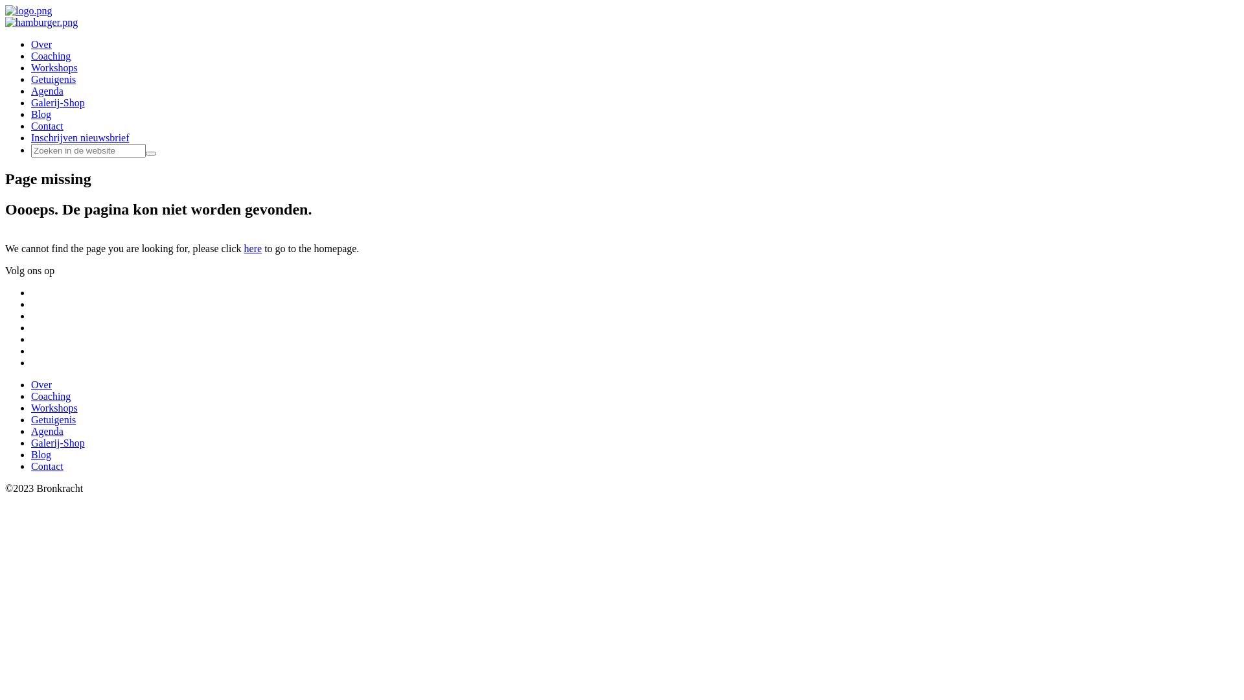 This screenshot has width=1244, height=700. Describe the element at coordinates (5, 10) in the screenshot. I see `'Bronkracht'` at that location.